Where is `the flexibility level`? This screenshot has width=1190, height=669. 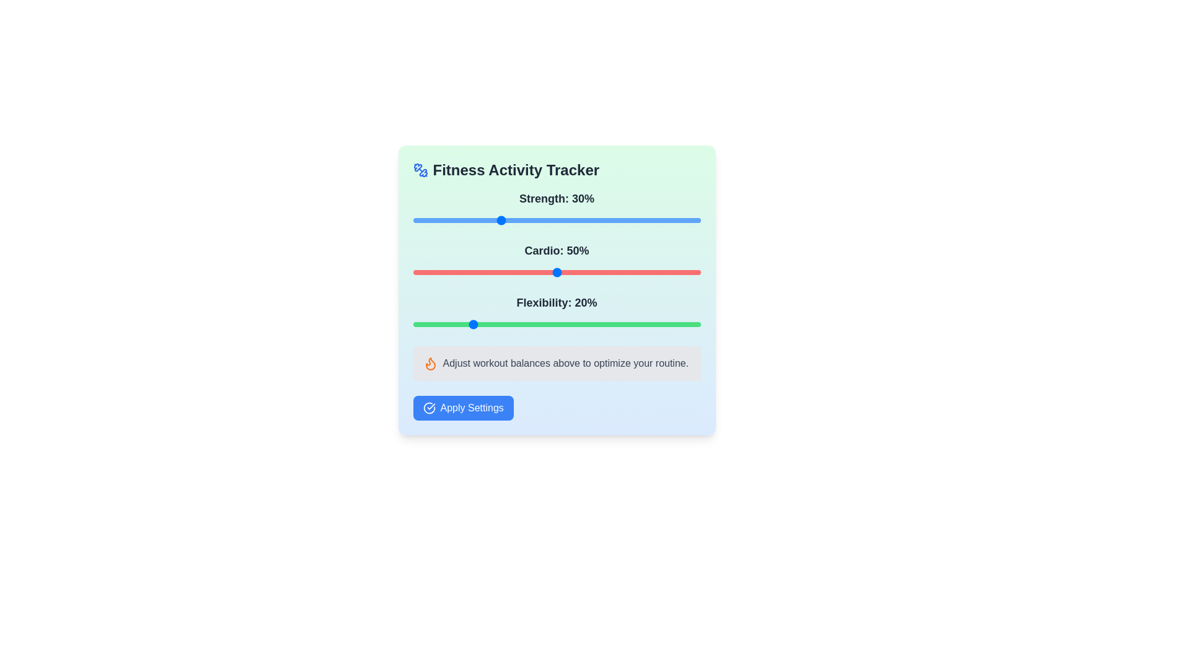 the flexibility level is located at coordinates (565, 324).